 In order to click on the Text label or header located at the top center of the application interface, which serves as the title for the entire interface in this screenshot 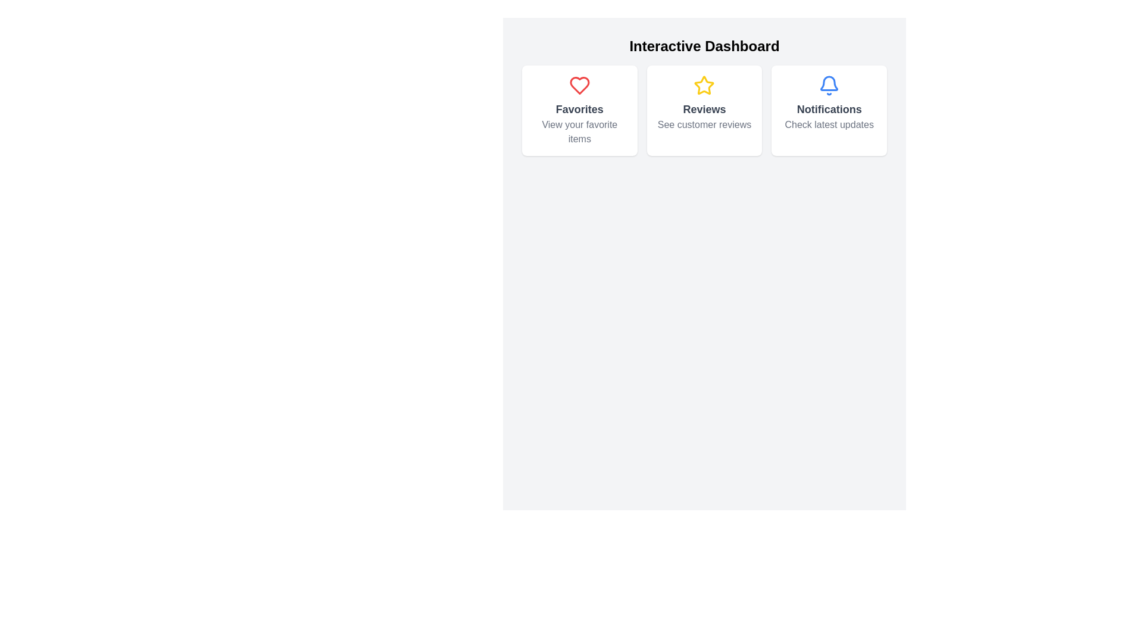, I will do `click(704, 45)`.